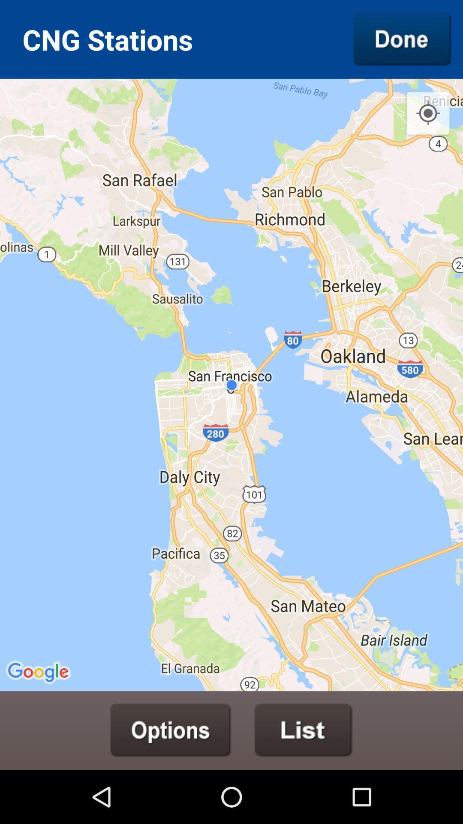  What do you see at coordinates (171, 730) in the screenshot?
I see `button text` at bounding box center [171, 730].